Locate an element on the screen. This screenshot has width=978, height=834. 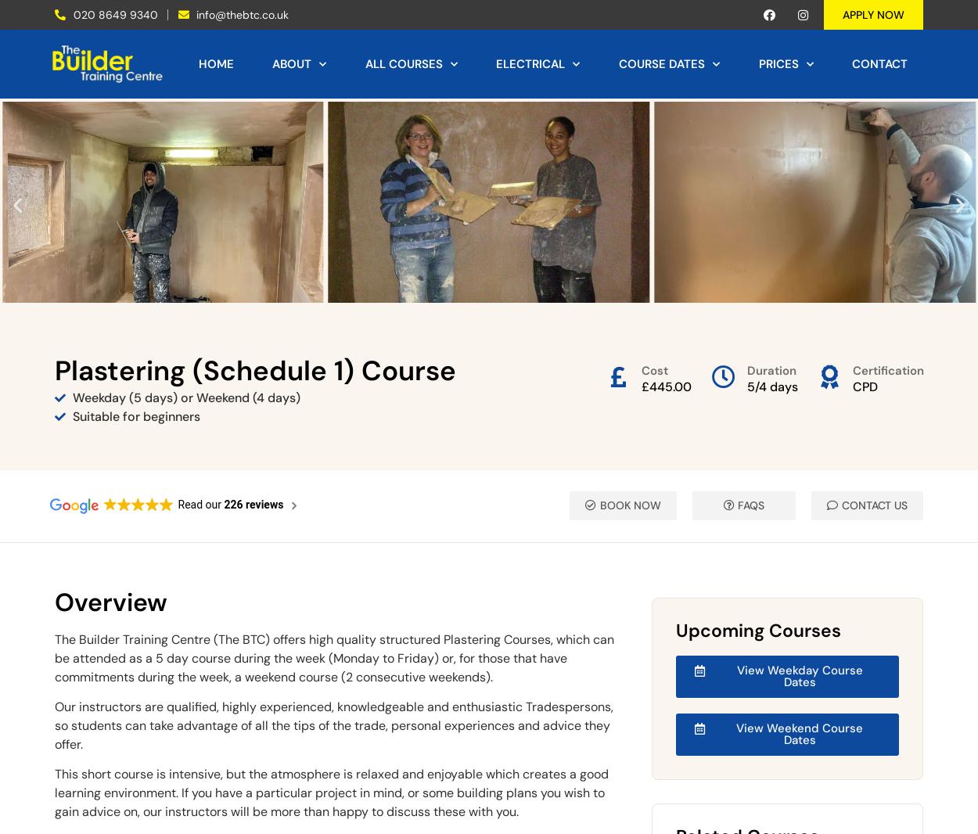
'Plastering (Schedule 1) Course' is located at coordinates (254, 369).